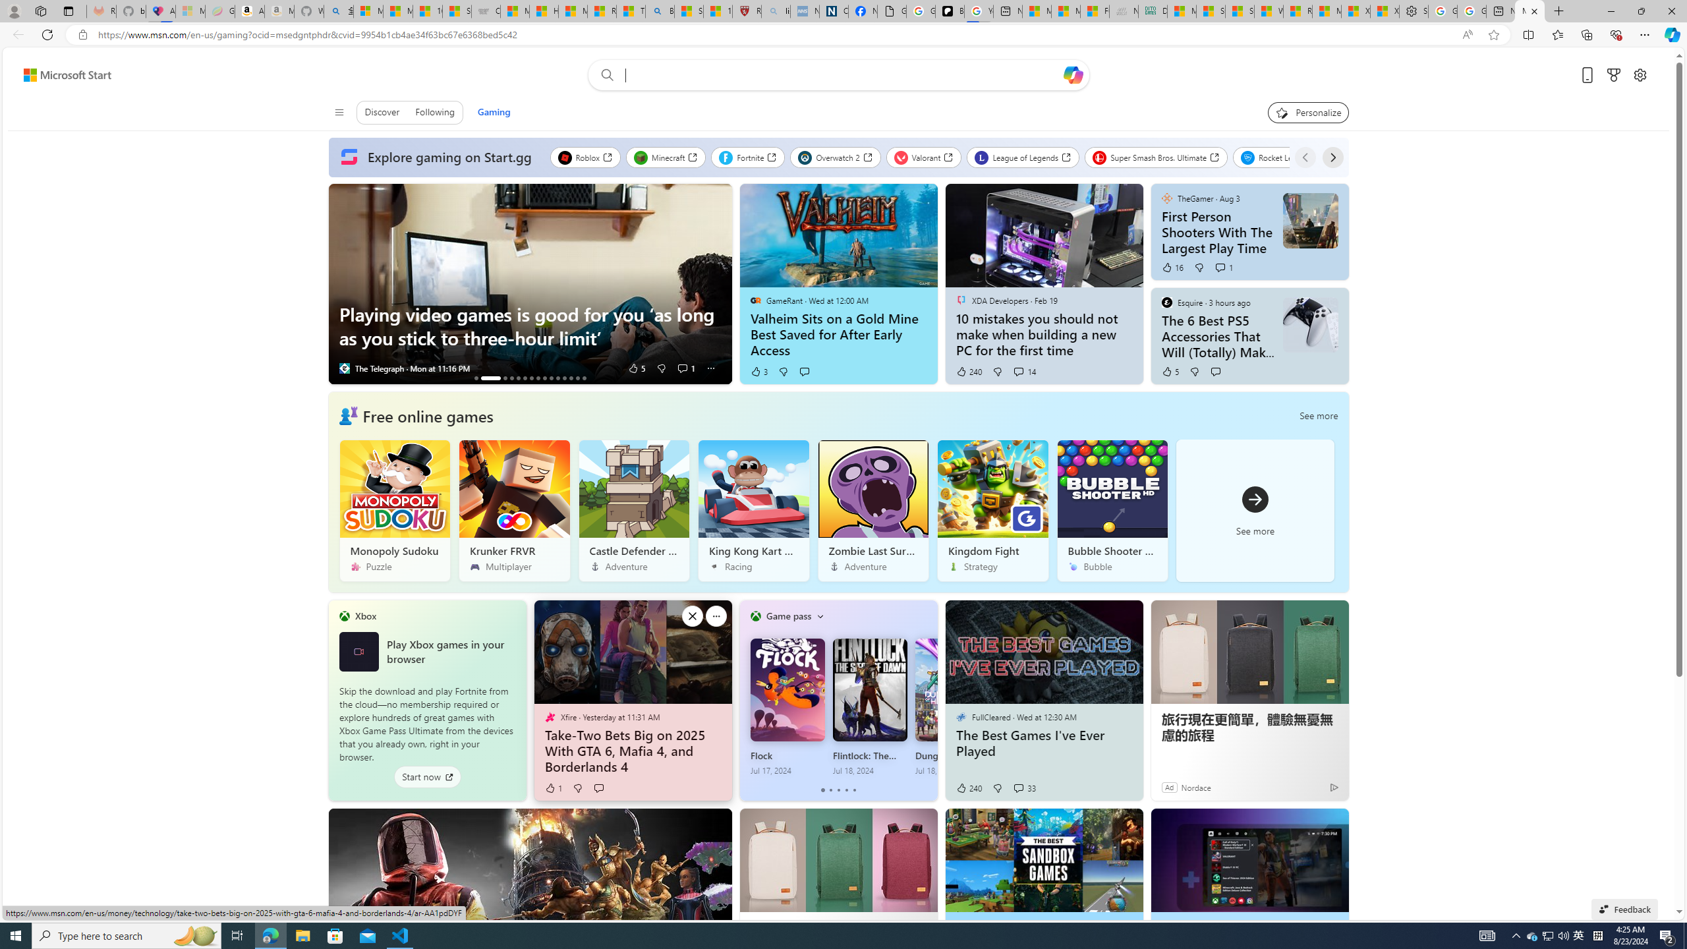  What do you see at coordinates (1023, 157) in the screenshot?
I see `'League of Legends'` at bounding box center [1023, 157].